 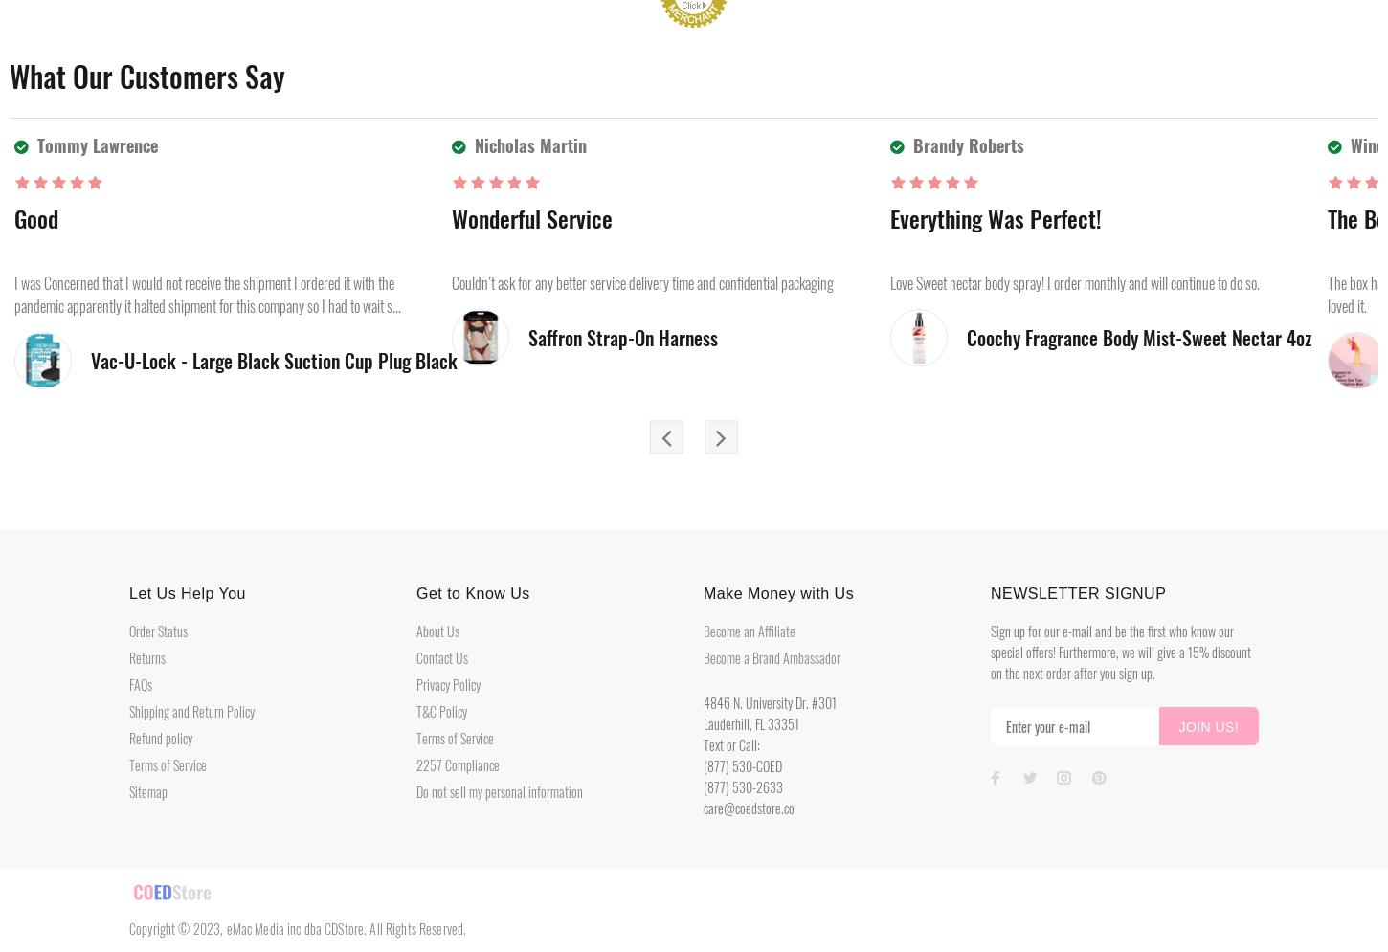 I want to click on 'What Our Customers Say', so click(x=146, y=76).